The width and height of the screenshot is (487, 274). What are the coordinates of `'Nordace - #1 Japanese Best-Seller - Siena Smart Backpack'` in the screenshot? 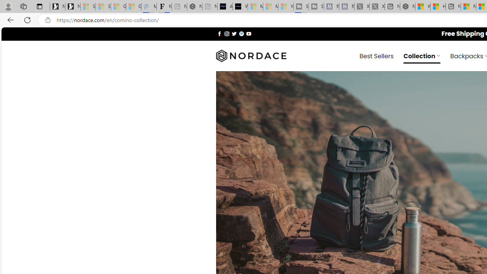 It's located at (194, 6).